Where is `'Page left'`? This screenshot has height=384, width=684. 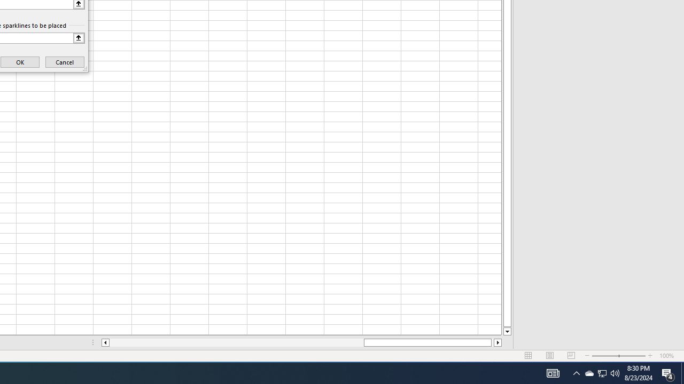
'Page left' is located at coordinates (236, 342).